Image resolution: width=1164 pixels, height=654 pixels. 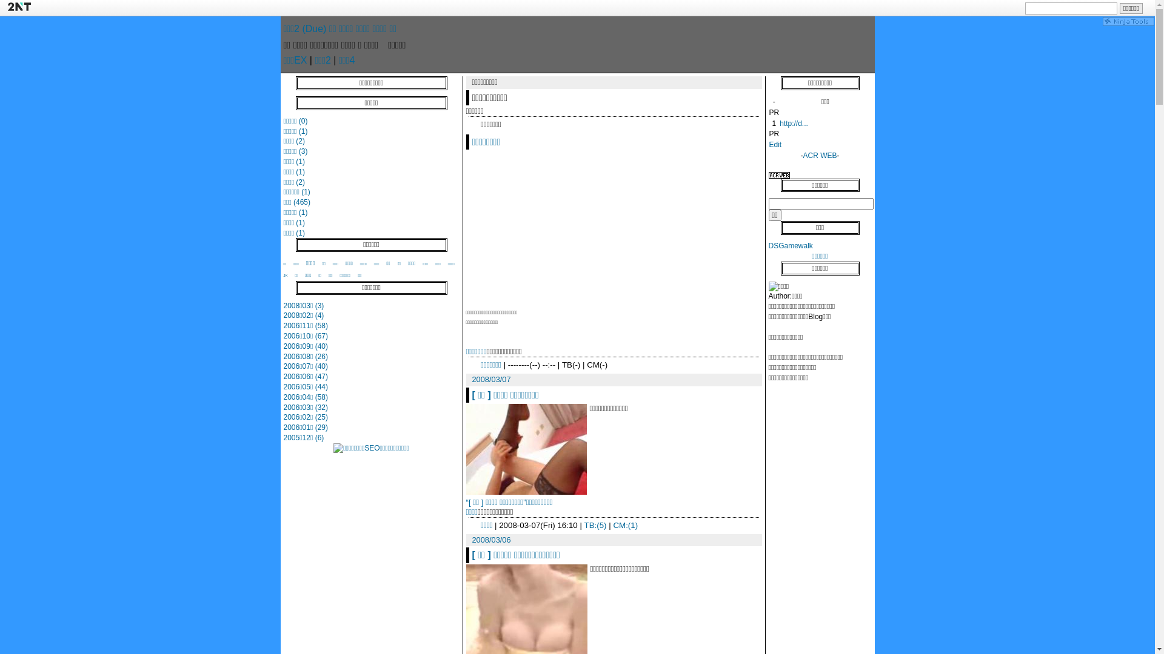 I want to click on '2008/03/06', so click(x=491, y=539).